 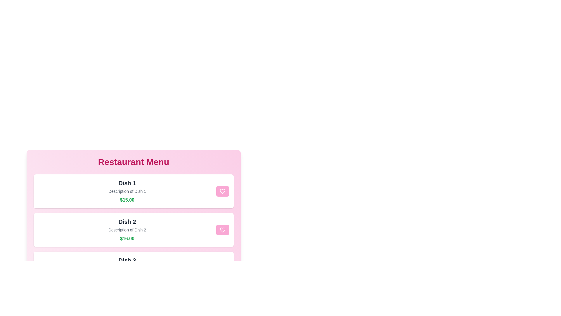 I want to click on the text heading 'Dish 2', so click(x=127, y=222).